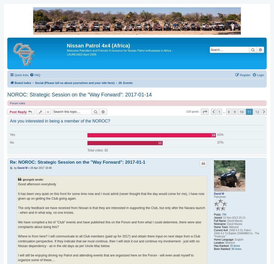  What do you see at coordinates (109, 224) in the screenshot?
I see `'We have compiled a list of "Club" events and have published this on the Forum and from what I could determine, there were also complaints about doing this?'` at bounding box center [109, 224].